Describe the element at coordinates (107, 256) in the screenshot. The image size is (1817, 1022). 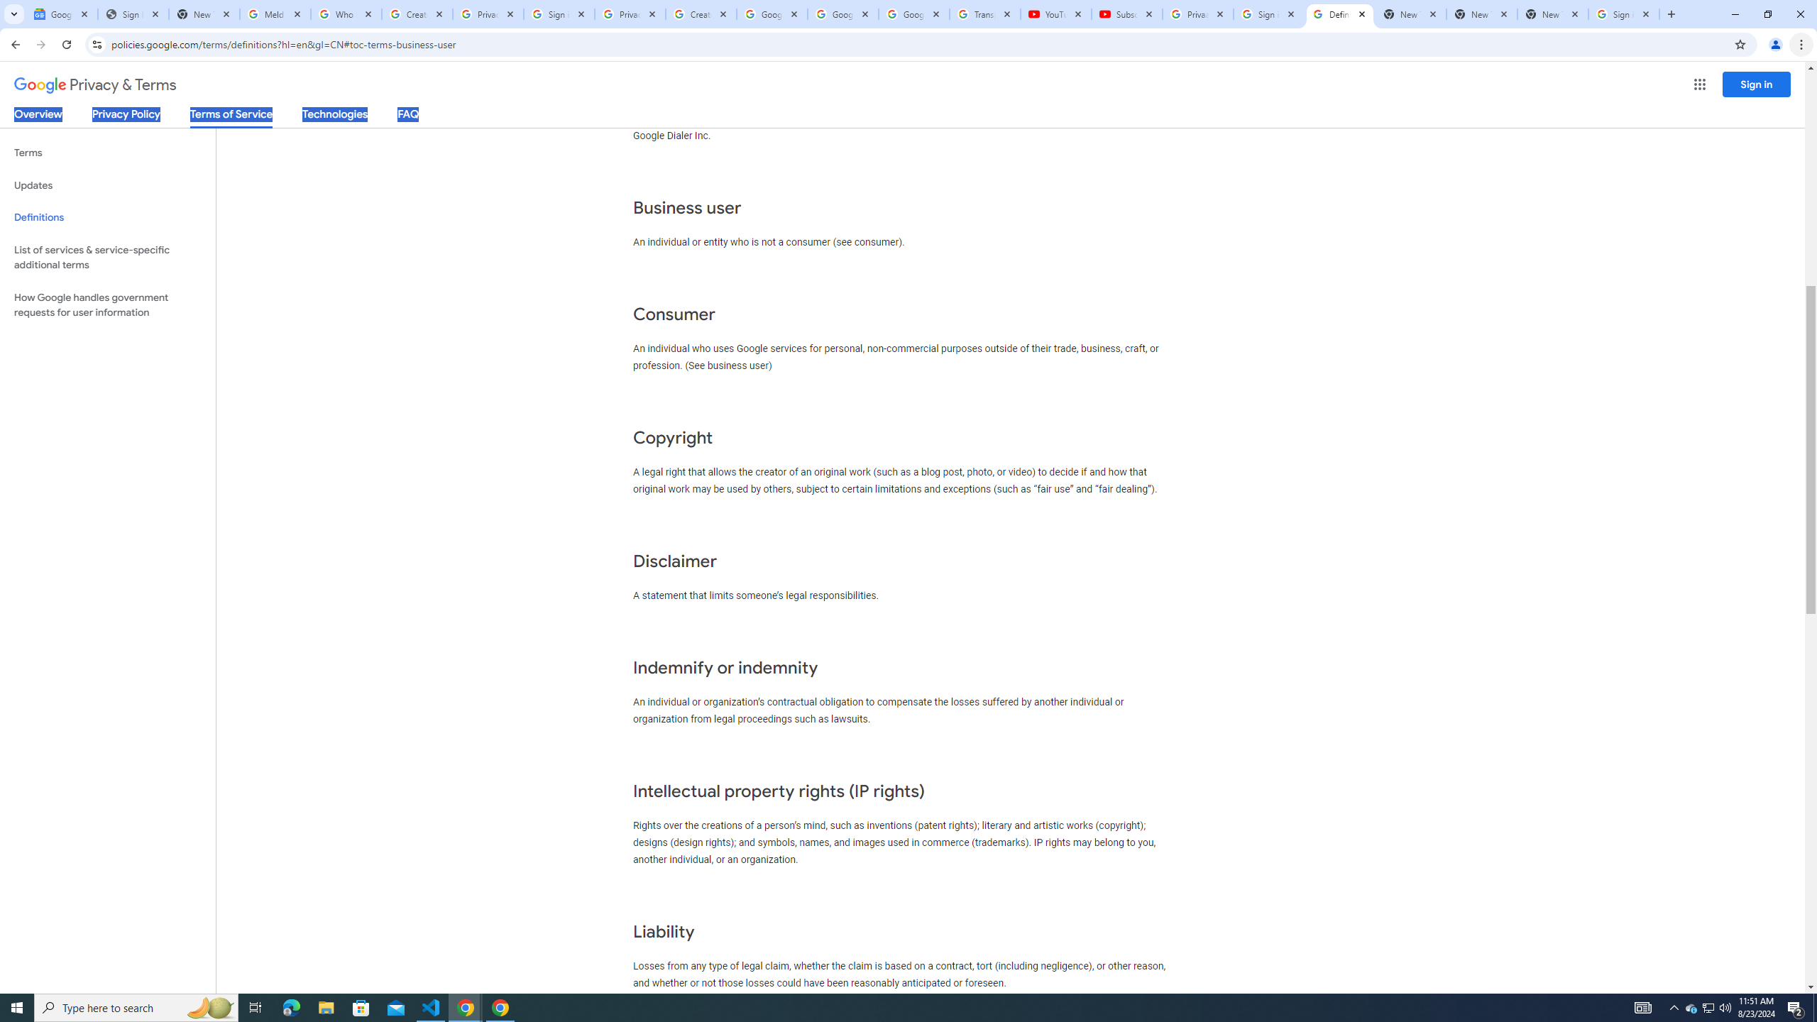
I see `'List of services & service-specific additional terms'` at that location.